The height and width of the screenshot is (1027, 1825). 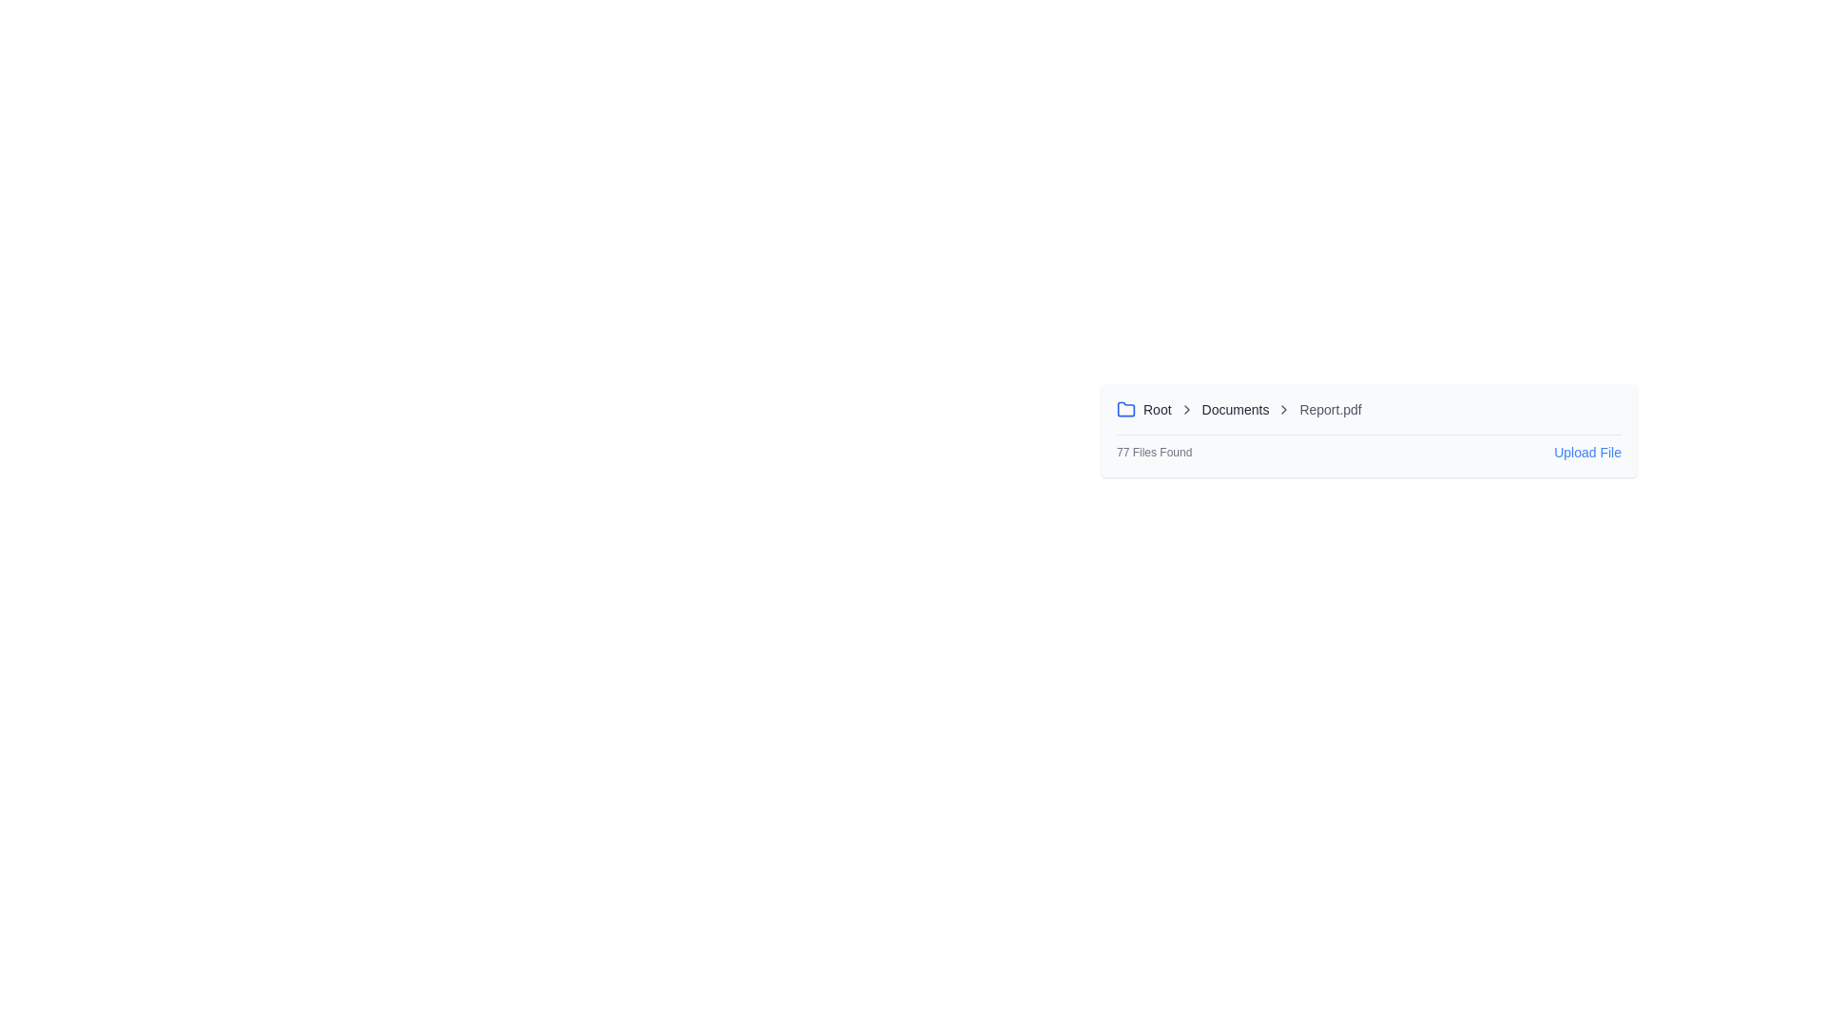 I want to click on the first clickable text label in the breadcrumb navigation bar, which indicates the root folder or directory, so click(x=1156, y=409).